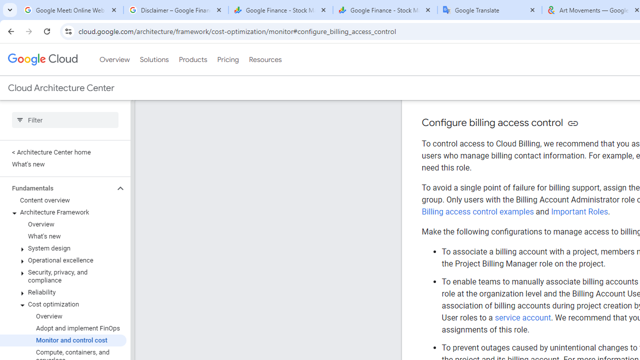  Describe the element at coordinates (572, 122) in the screenshot. I see `'Copy link to this section: Configure billing access control'` at that location.